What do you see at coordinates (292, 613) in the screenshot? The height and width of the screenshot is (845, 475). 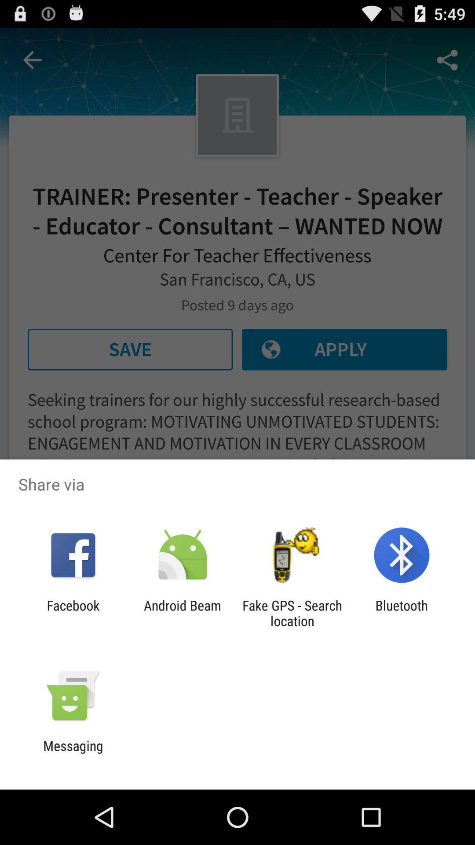 I see `the item to the right of android beam` at bounding box center [292, 613].